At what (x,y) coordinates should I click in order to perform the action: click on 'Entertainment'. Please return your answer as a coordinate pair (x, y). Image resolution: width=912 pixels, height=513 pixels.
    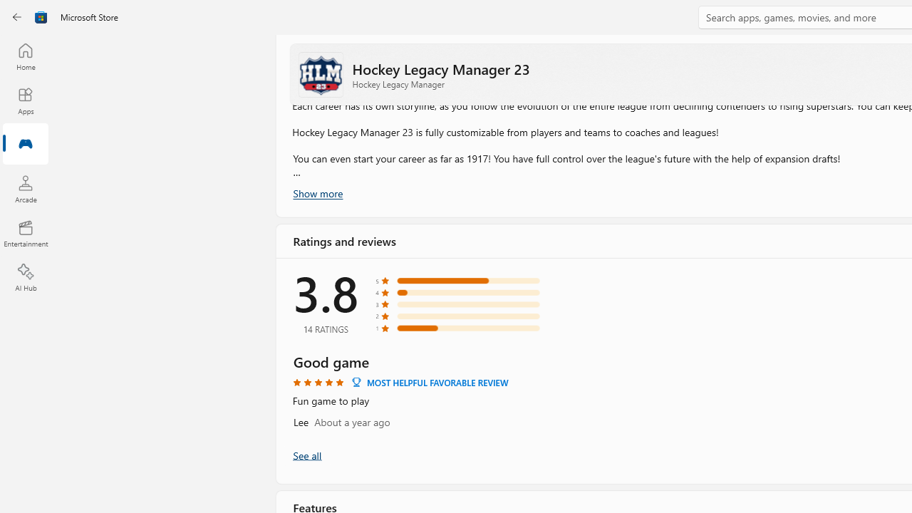
    Looking at the image, I should click on (25, 232).